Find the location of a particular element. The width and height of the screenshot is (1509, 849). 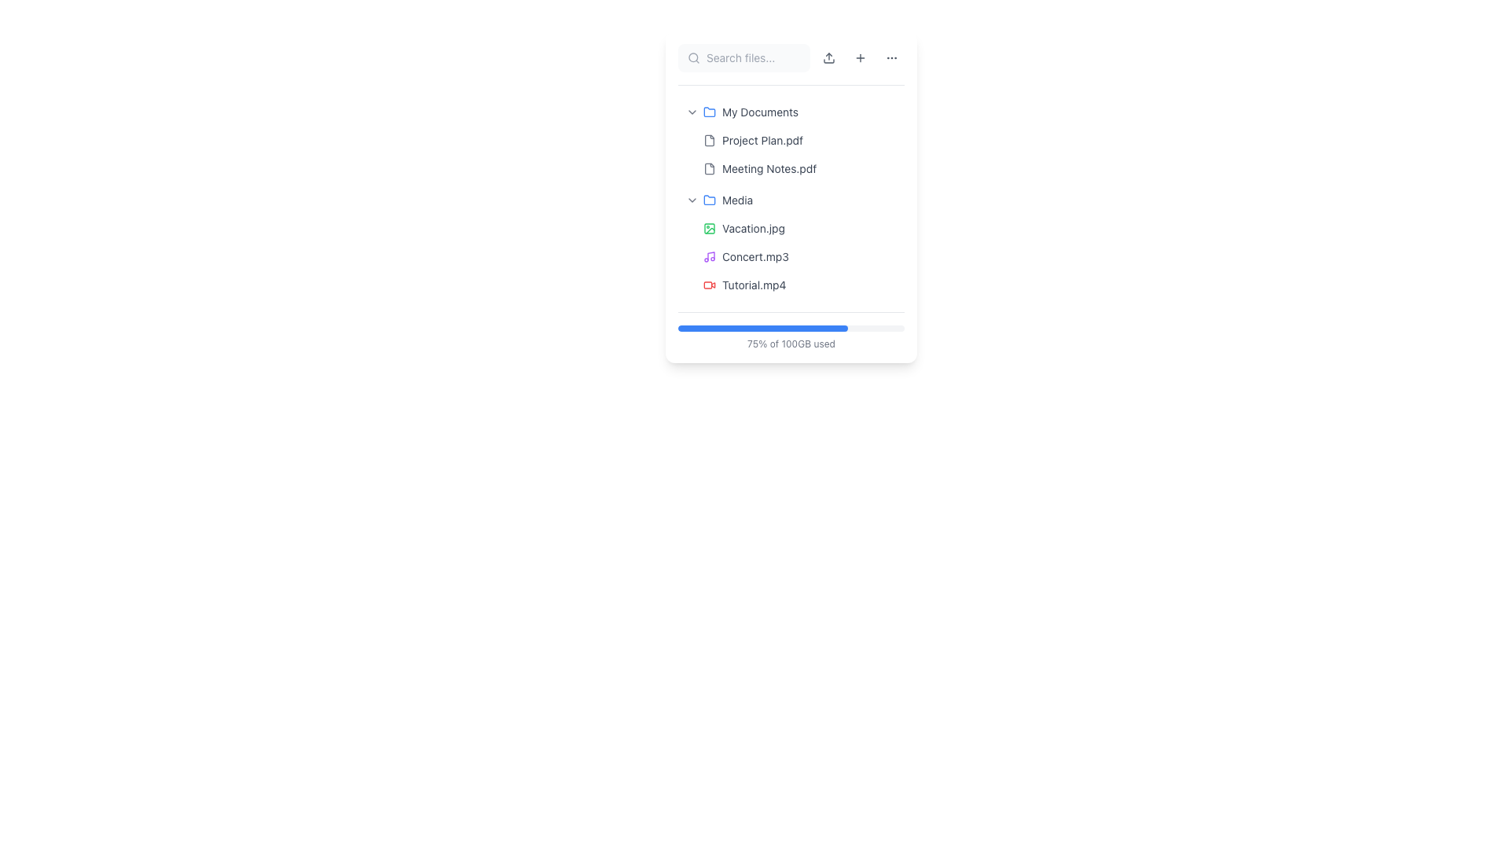

the List of file representation with icons located under the 'My Documents' folder is located at coordinates (800, 154).